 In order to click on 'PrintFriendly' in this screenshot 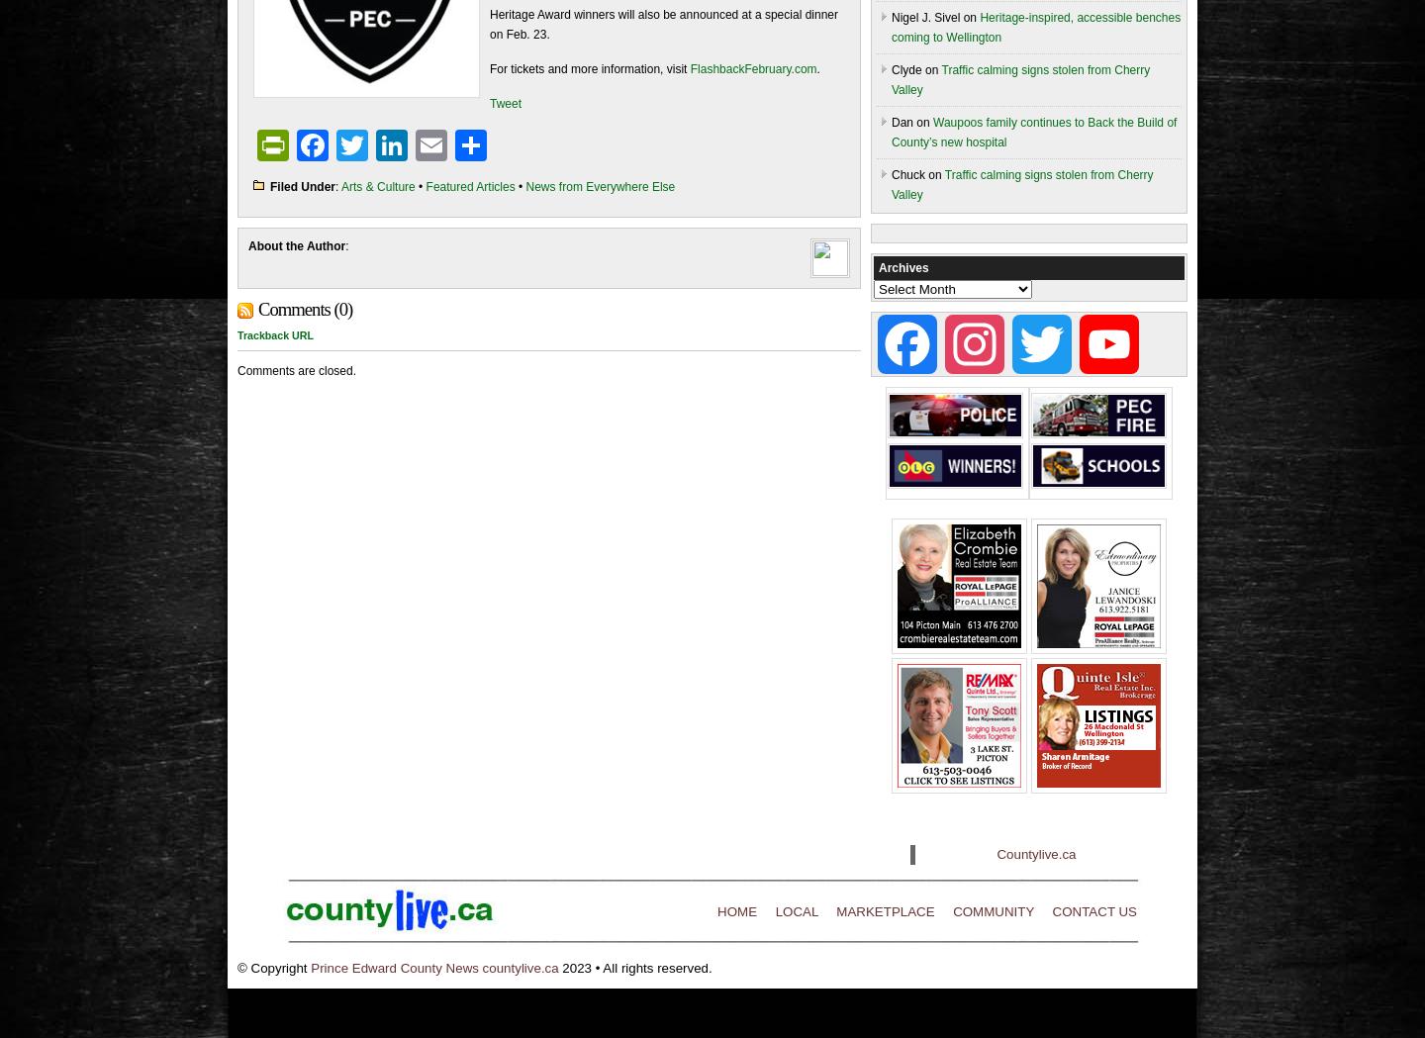, I will do `click(376, 144)`.